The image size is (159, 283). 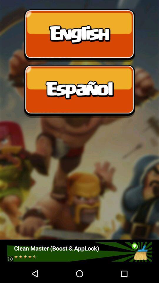 I want to click on click the advertisement, so click(x=79, y=251).